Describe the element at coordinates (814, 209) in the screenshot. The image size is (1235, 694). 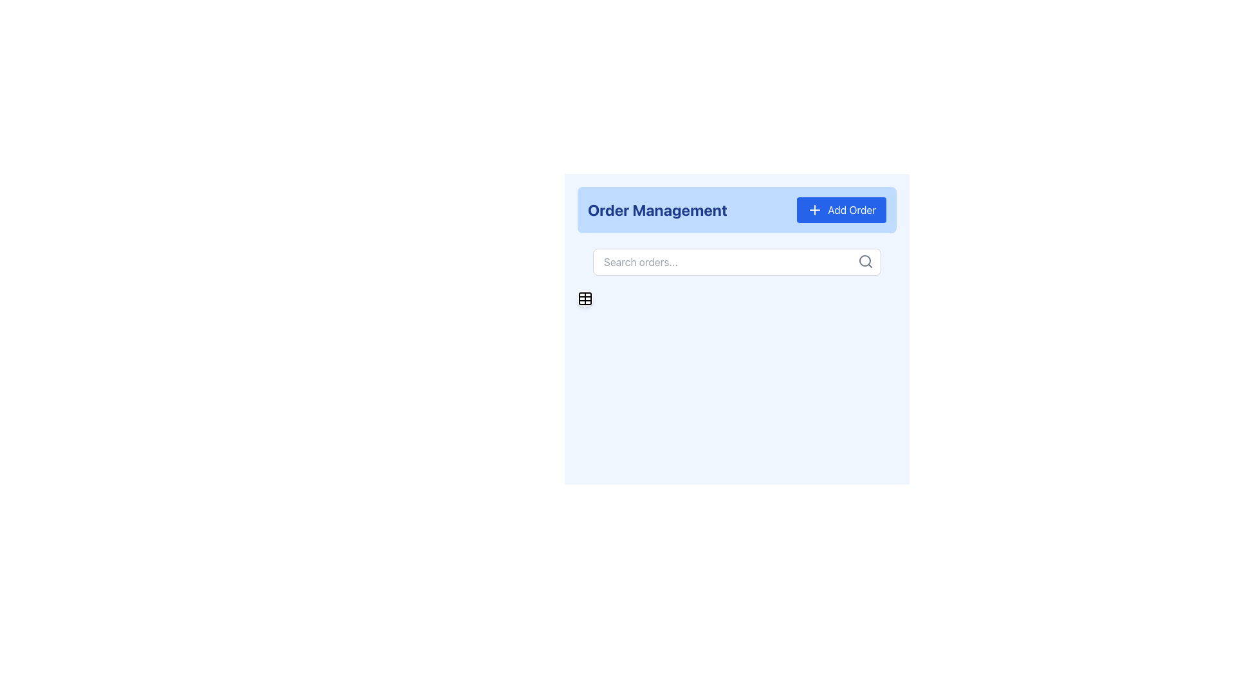
I see `the 'Add Order' icon located within the blue 'Add Order' button at the top-right corner of the panel header` at that location.